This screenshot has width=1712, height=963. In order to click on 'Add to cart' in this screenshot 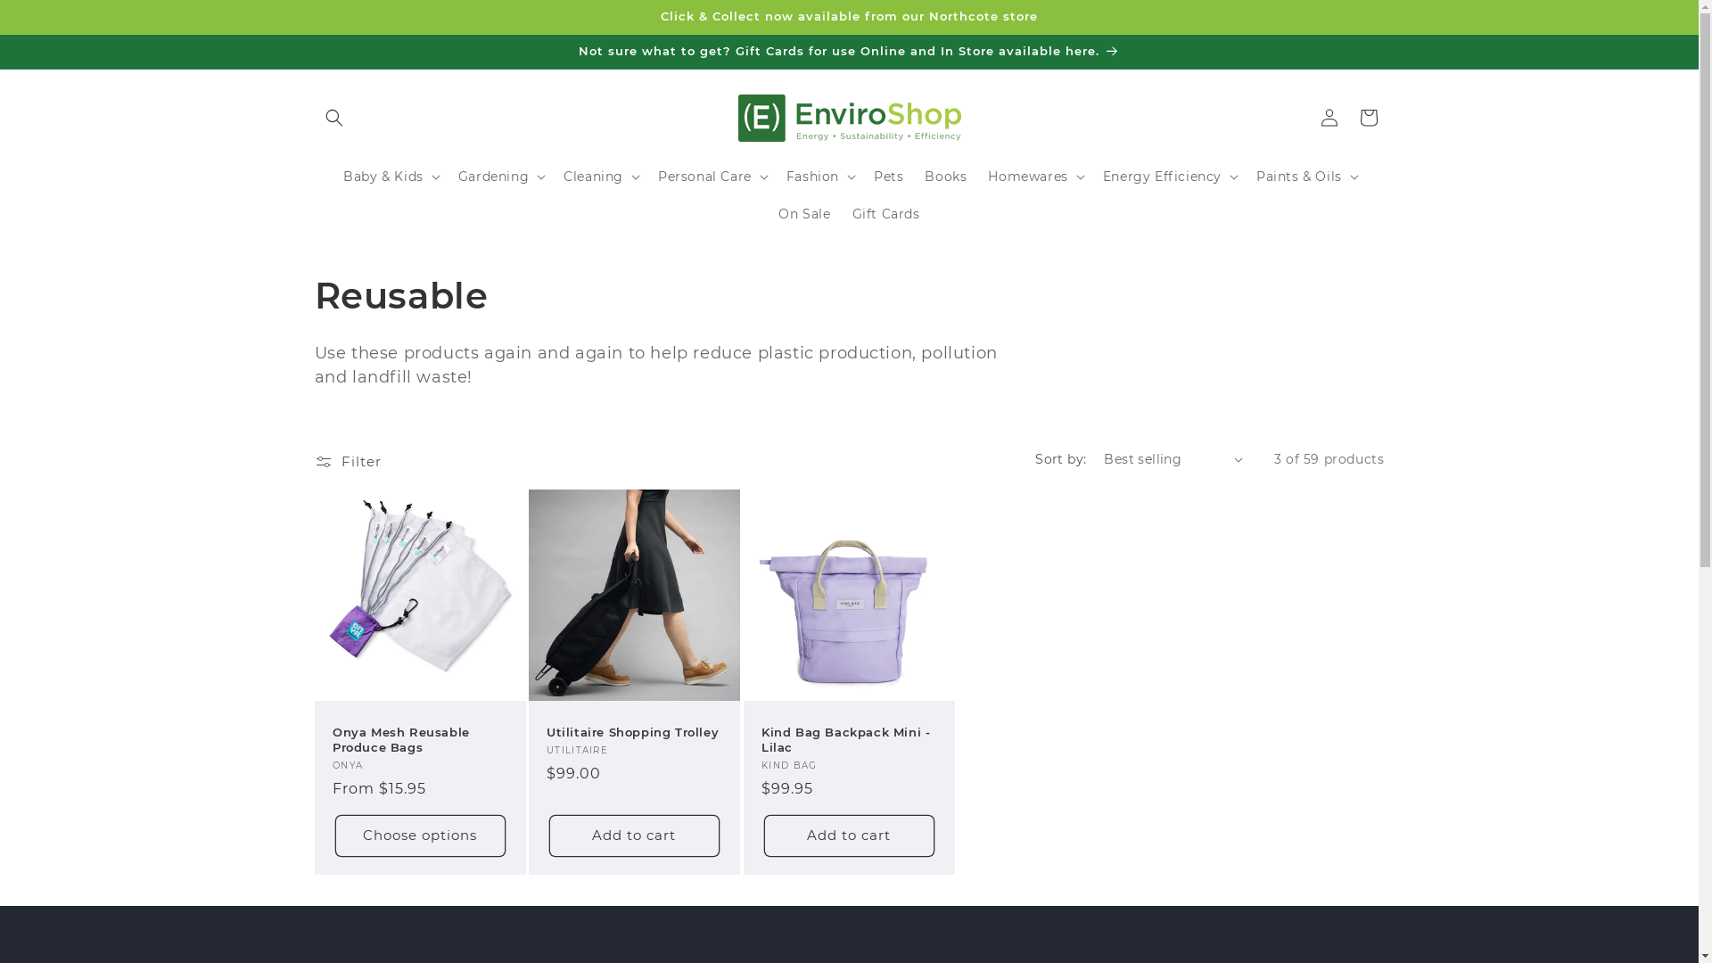, I will do `click(764, 835)`.